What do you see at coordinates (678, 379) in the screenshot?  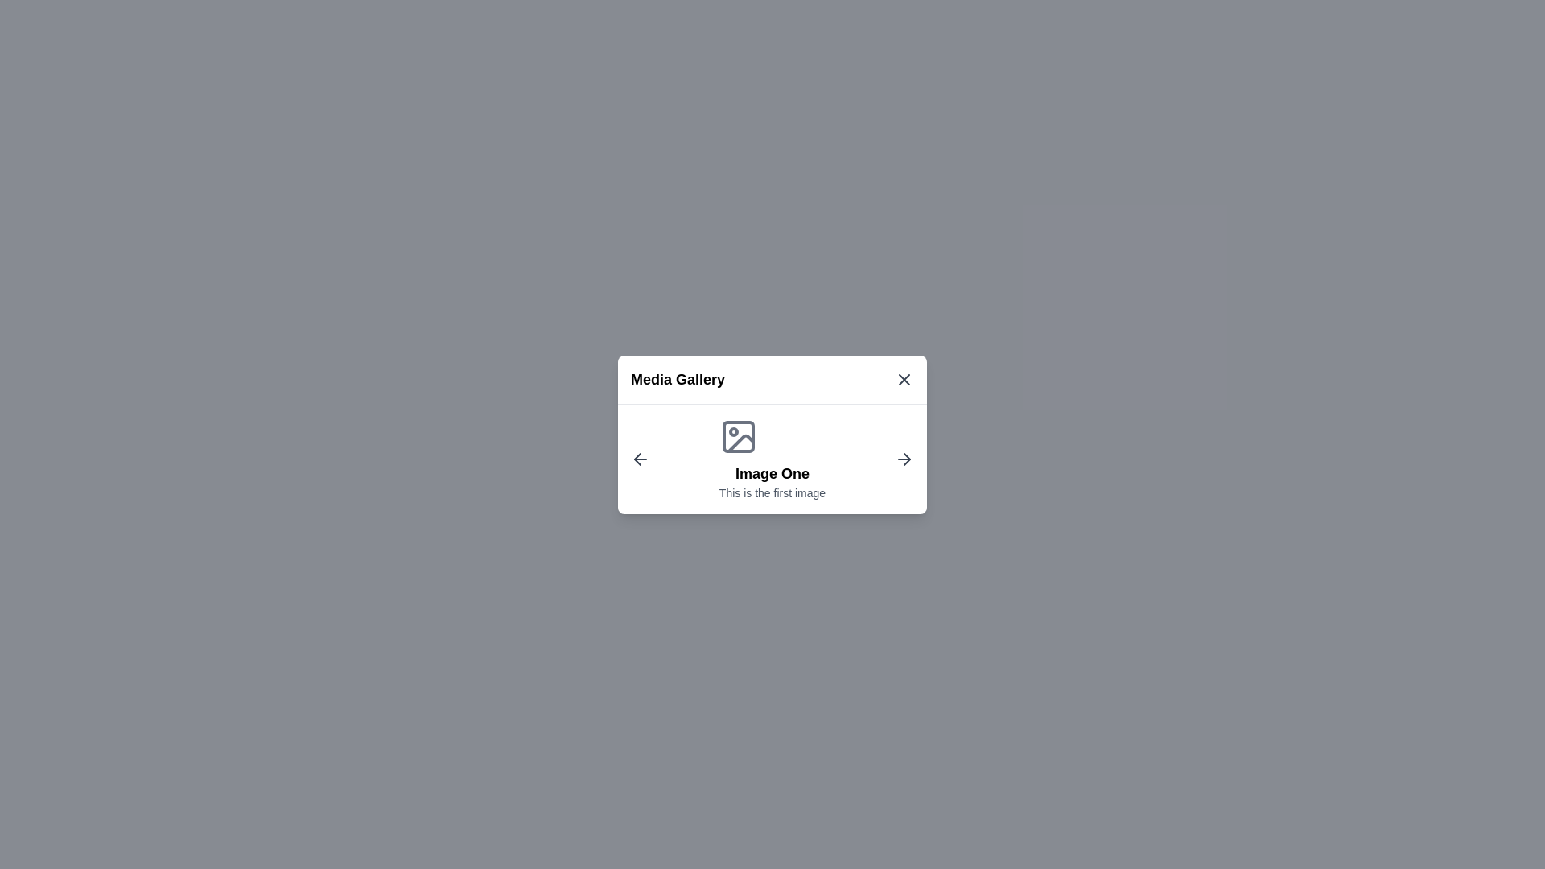 I see `the Title or Header Text of the media gallery section, which is positioned at the top left of the horizontally aligned header bar` at bounding box center [678, 379].